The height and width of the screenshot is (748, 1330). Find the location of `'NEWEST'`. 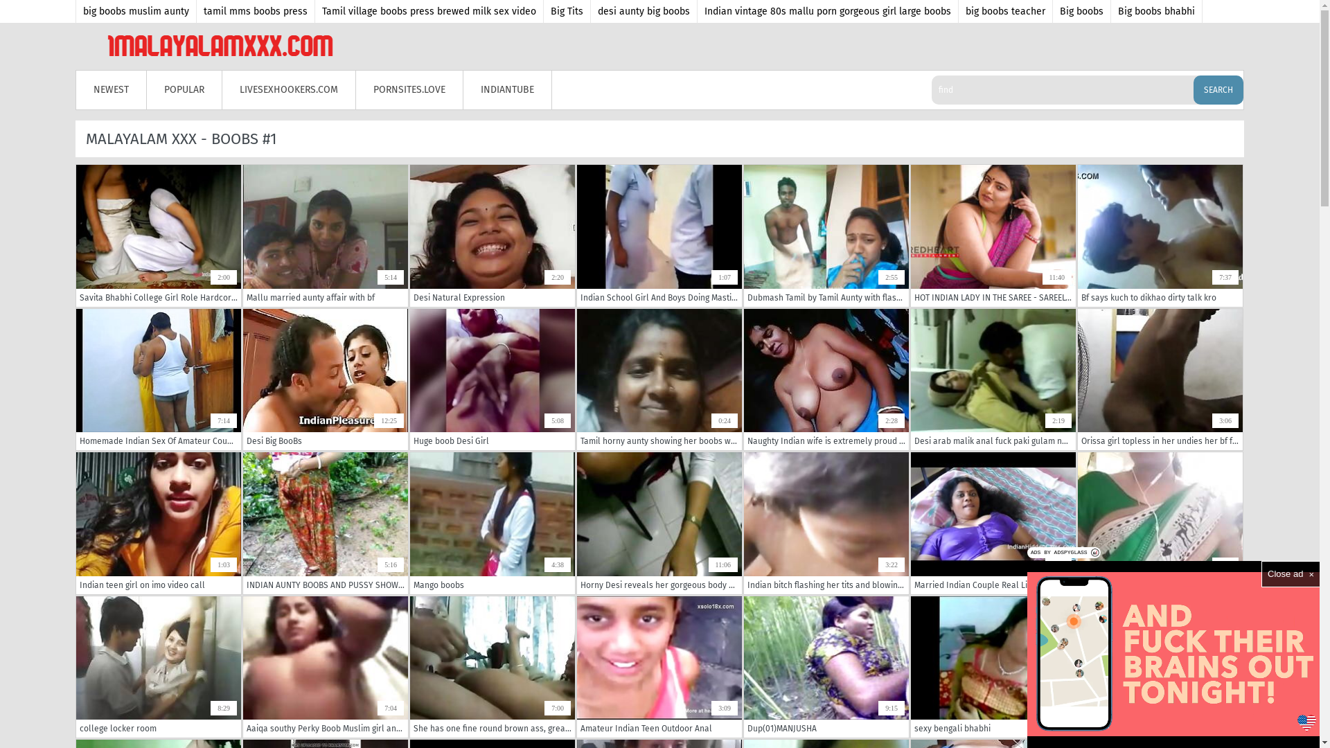

'NEWEST' is located at coordinates (112, 90).